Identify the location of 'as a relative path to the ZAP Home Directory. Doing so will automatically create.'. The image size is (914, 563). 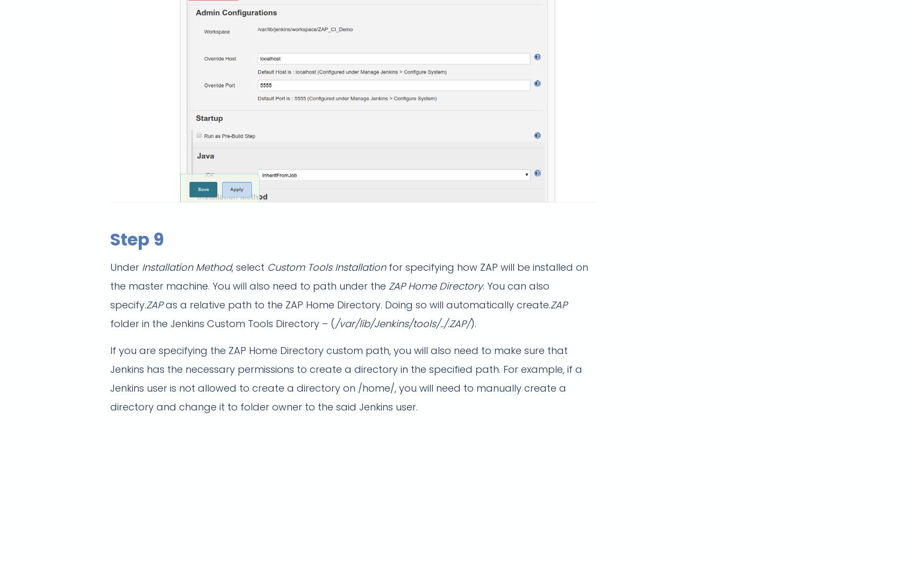
(356, 304).